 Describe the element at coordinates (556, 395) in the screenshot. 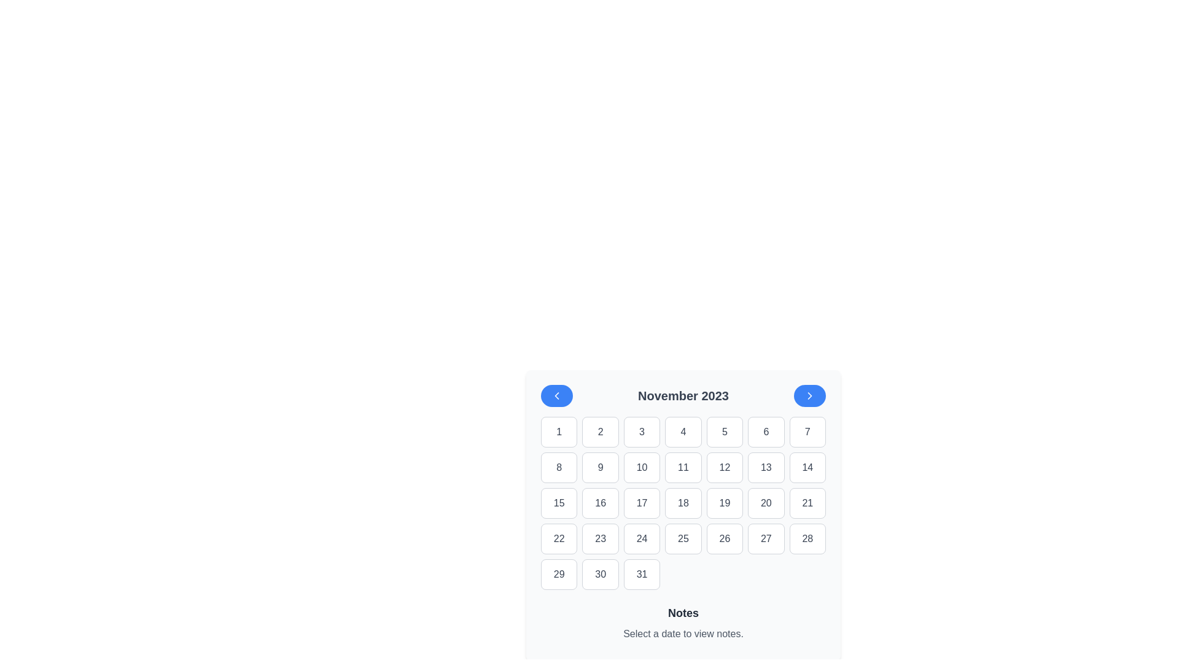

I see `the blue circular button with a white left-pointing arrow icon located in the header section of the calendar interface, to observe the hover effect` at that location.